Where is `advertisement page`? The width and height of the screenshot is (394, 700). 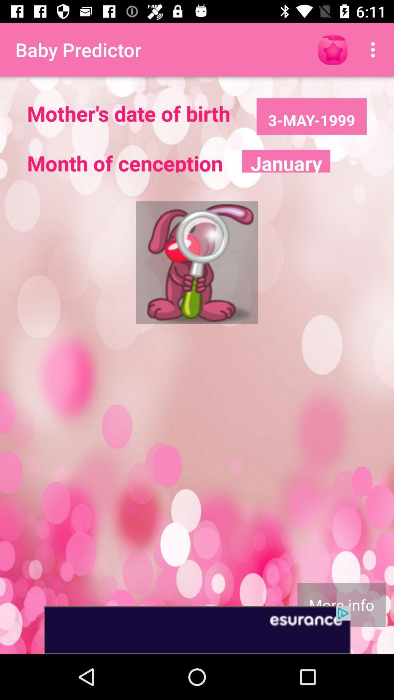
advertisement page is located at coordinates (197, 630).